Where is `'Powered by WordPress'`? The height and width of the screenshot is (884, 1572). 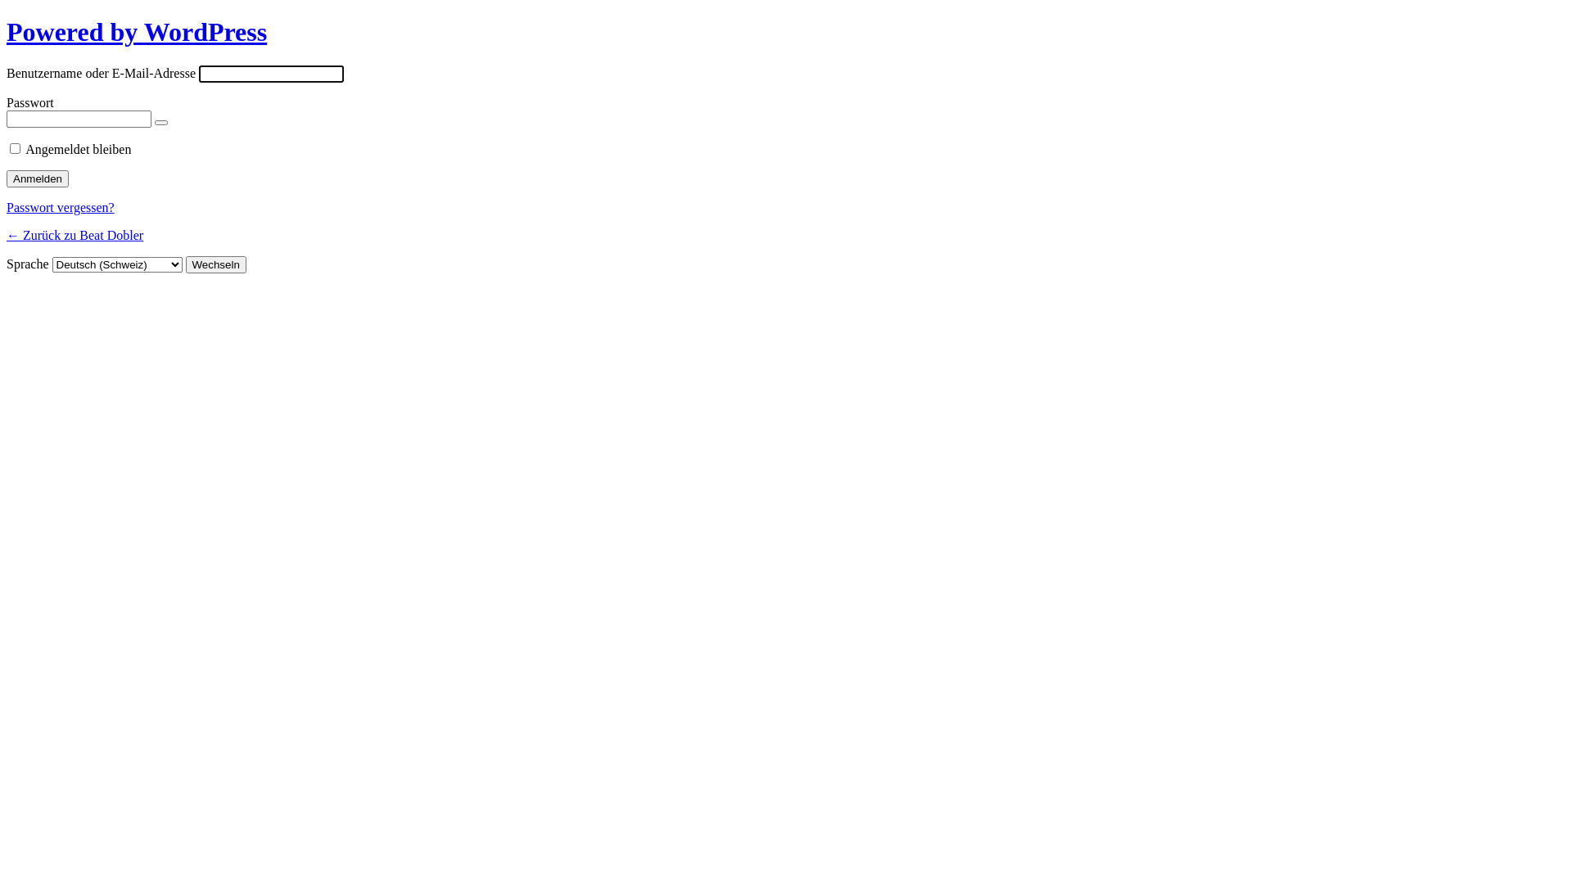 'Powered by WordPress' is located at coordinates (7, 31).